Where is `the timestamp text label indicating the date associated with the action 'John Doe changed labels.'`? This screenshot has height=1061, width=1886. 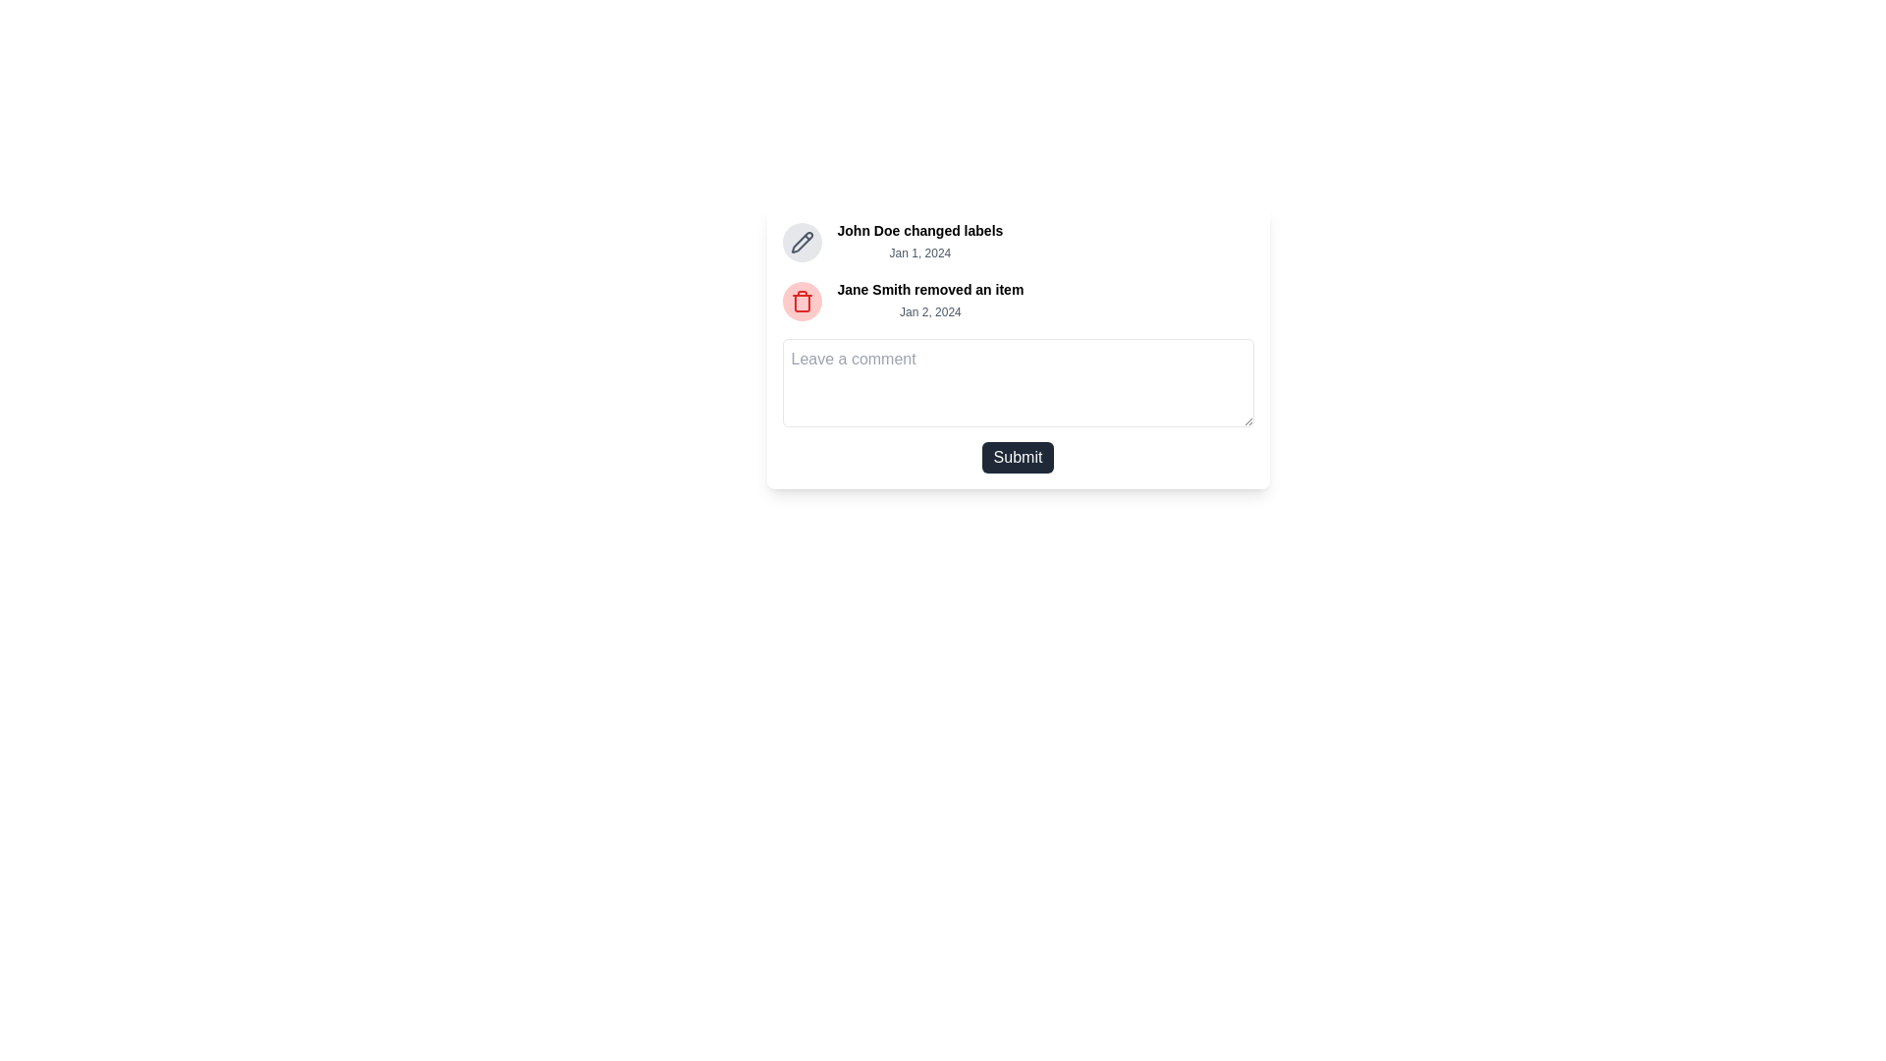 the timestamp text label indicating the date associated with the action 'John Doe changed labels.' is located at coordinates (918, 252).